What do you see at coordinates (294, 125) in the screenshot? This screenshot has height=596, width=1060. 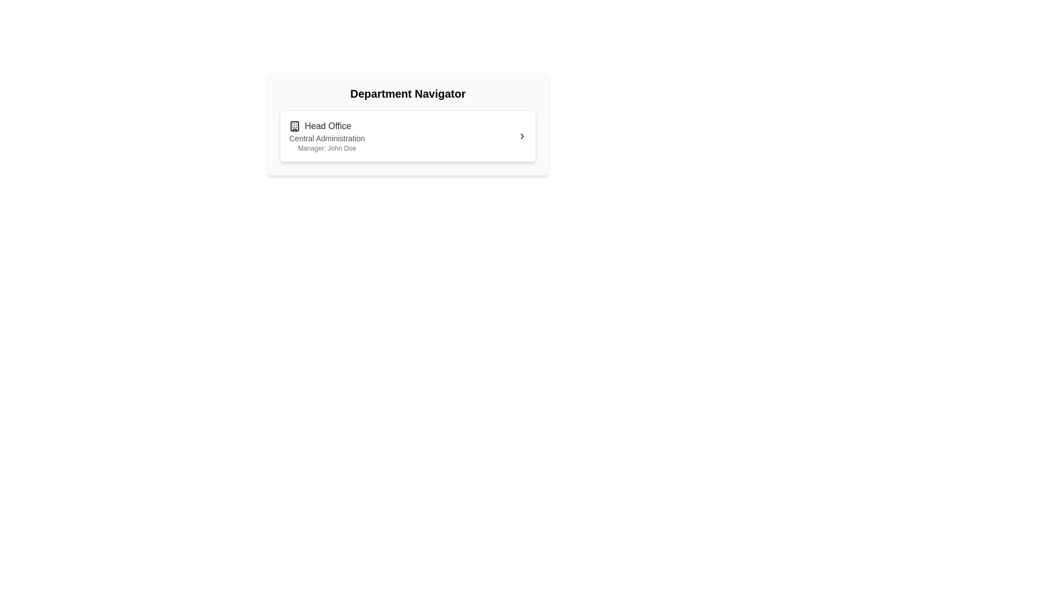 I see `SVG properties of the building icon located to the left of the 'Head Office' text label in the 'Department Navigator' UI` at bounding box center [294, 125].